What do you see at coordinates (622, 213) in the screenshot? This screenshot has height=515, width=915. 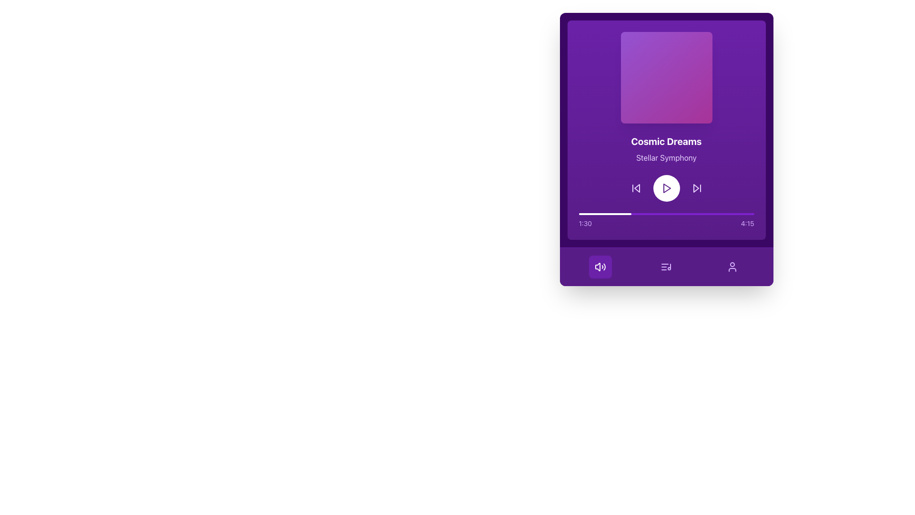 I see `the slider position` at bounding box center [622, 213].